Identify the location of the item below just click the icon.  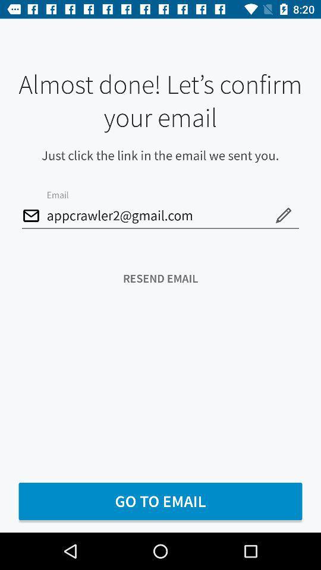
(282, 214).